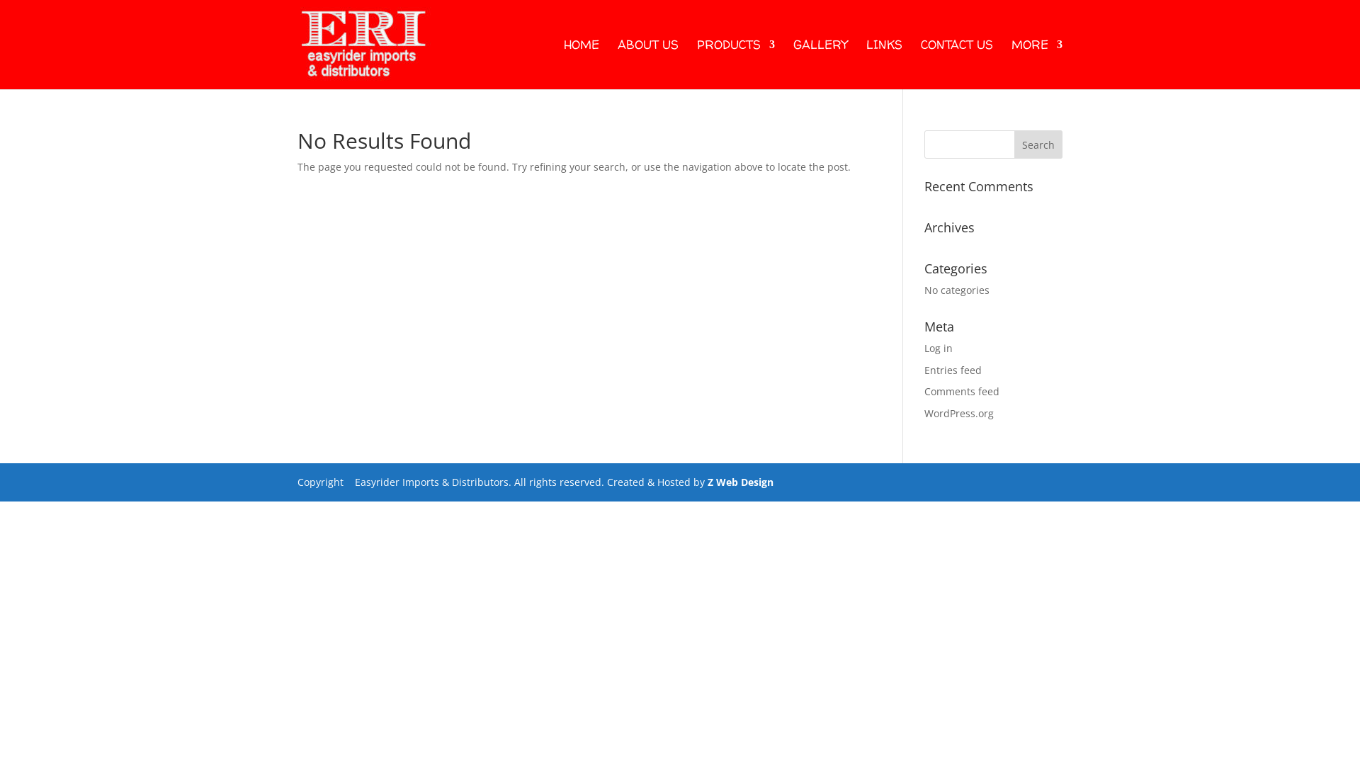 The height and width of the screenshot is (765, 1360). I want to click on 'Log in', so click(938, 348).